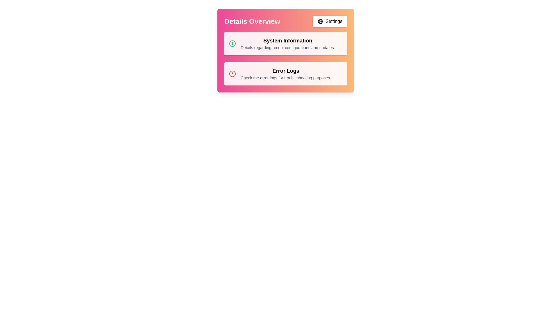 The height and width of the screenshot is (314, 558). Describe the element at coordinates (288, 47) in the screenshot. I see `text label located below the 'System Information' heading, which is styled with a smaller font and grayish color` at that location.